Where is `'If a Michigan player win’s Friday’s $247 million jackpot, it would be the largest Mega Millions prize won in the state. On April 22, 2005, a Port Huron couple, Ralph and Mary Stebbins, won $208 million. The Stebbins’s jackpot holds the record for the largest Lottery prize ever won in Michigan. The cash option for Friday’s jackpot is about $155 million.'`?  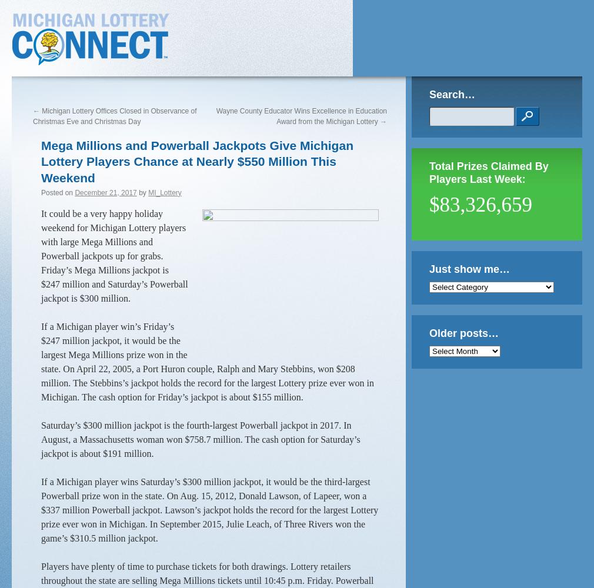
'If a Michigan player win’s Friday’s $247 million jackpot, it would be the largest Mega Millions prize won in the state. On April 22, 2005, a Port Huron couple, Ralph and Mary Stebbins, won $208 million. The Stebbins’s jackpot holds the record for the largest Lottery prize ever won in Michigan. The cash option for Friday’s jackpot is about $155 million.' is located at coordinates (40, 360).